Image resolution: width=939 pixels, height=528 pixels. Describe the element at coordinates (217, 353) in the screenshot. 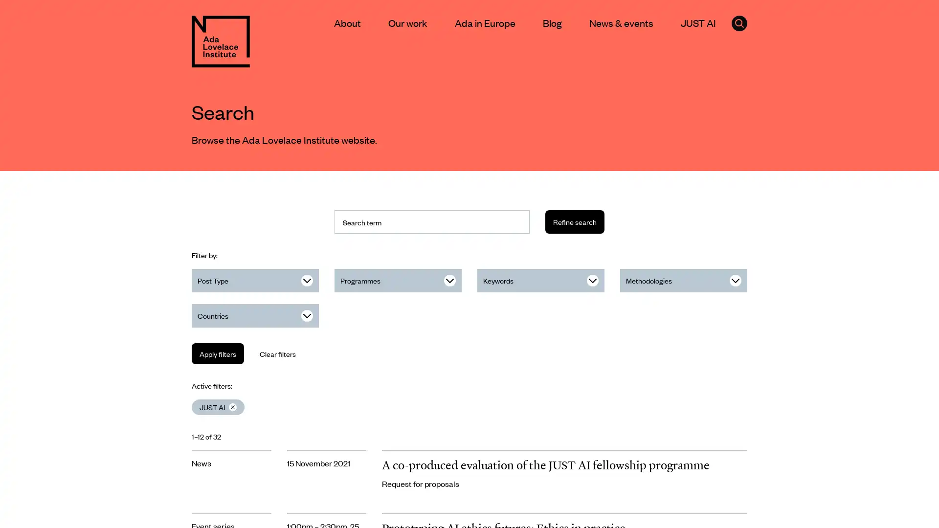

I see `Apply filters` at that location.